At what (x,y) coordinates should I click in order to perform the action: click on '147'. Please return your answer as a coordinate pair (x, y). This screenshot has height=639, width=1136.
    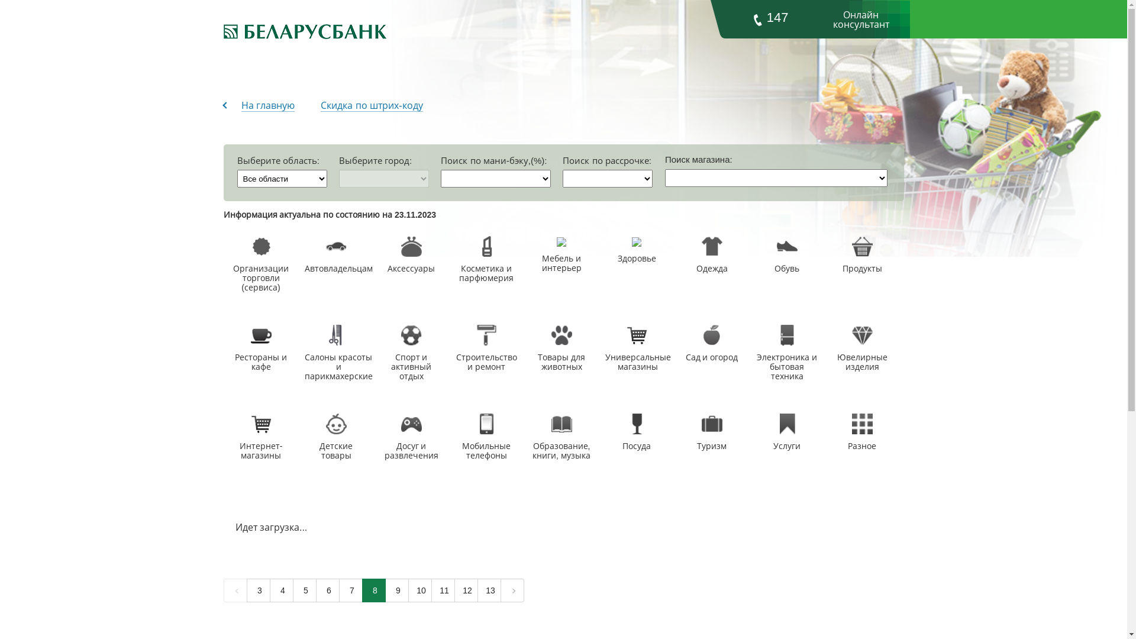
    Looking at the image, I should click on (770, 18).